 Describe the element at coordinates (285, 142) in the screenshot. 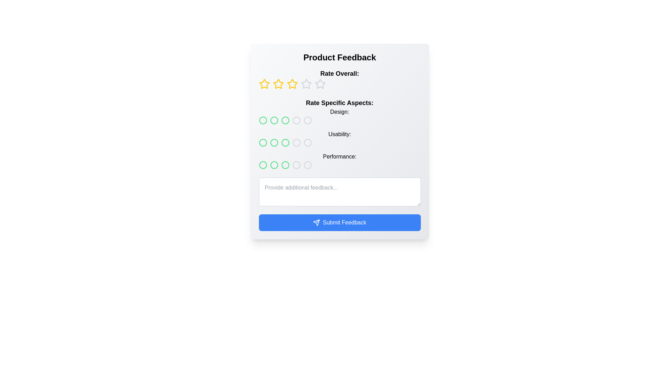

I see `the third rating circle under 'Rate Specific Aspects: Usability:', which is located slightly to the right of two green-filled circles` at that location.